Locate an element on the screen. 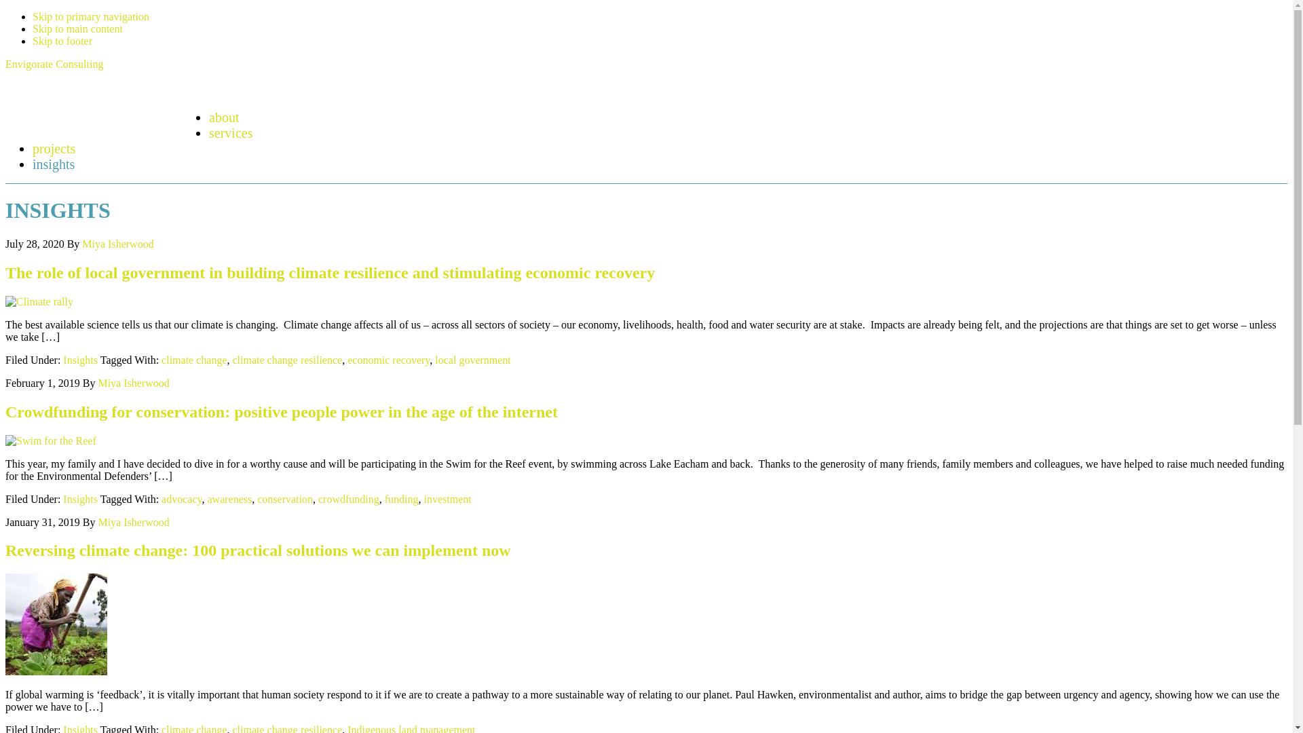  'local government' is located at coordinates (472, 359).